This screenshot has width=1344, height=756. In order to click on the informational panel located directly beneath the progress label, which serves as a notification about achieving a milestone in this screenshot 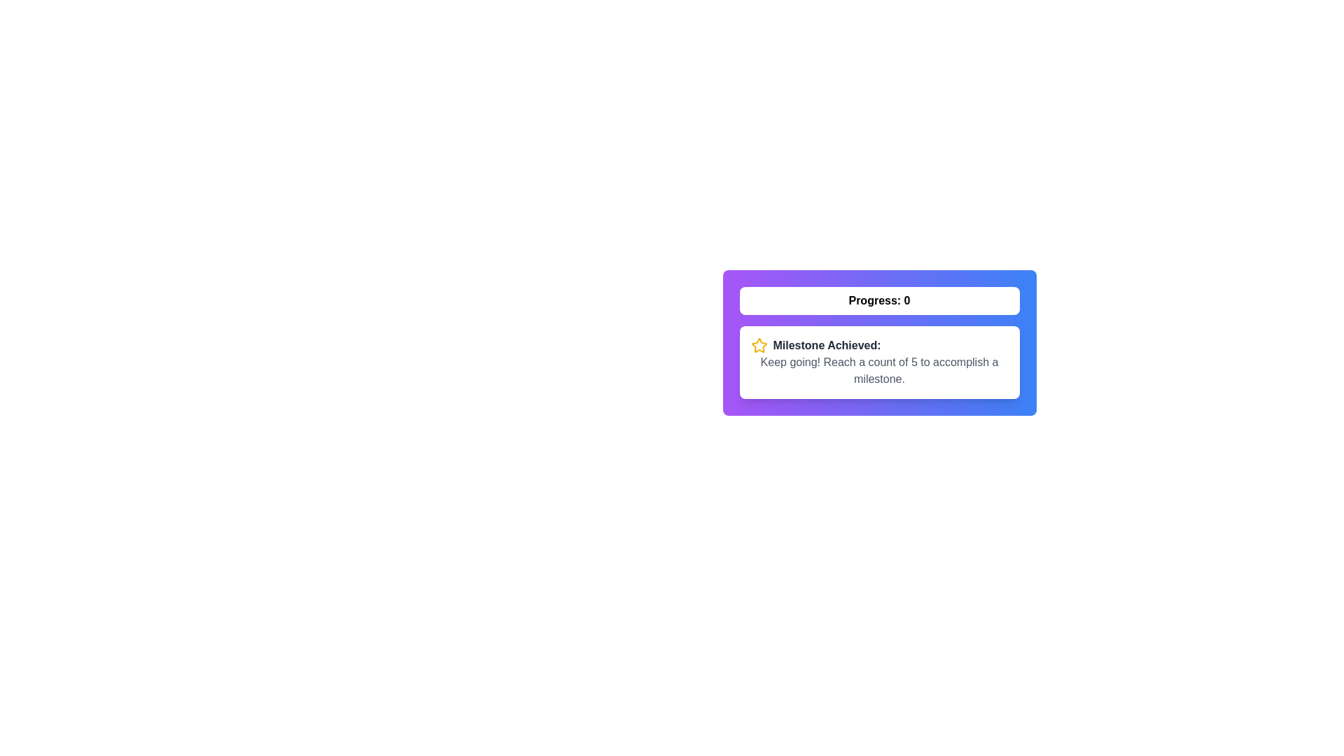, I will do `click(878, 361)`.